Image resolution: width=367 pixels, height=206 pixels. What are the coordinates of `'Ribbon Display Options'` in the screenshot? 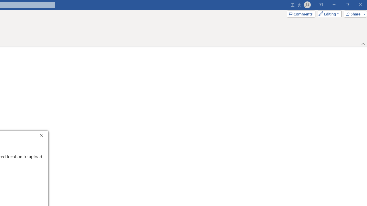 It's located at (320, 5).